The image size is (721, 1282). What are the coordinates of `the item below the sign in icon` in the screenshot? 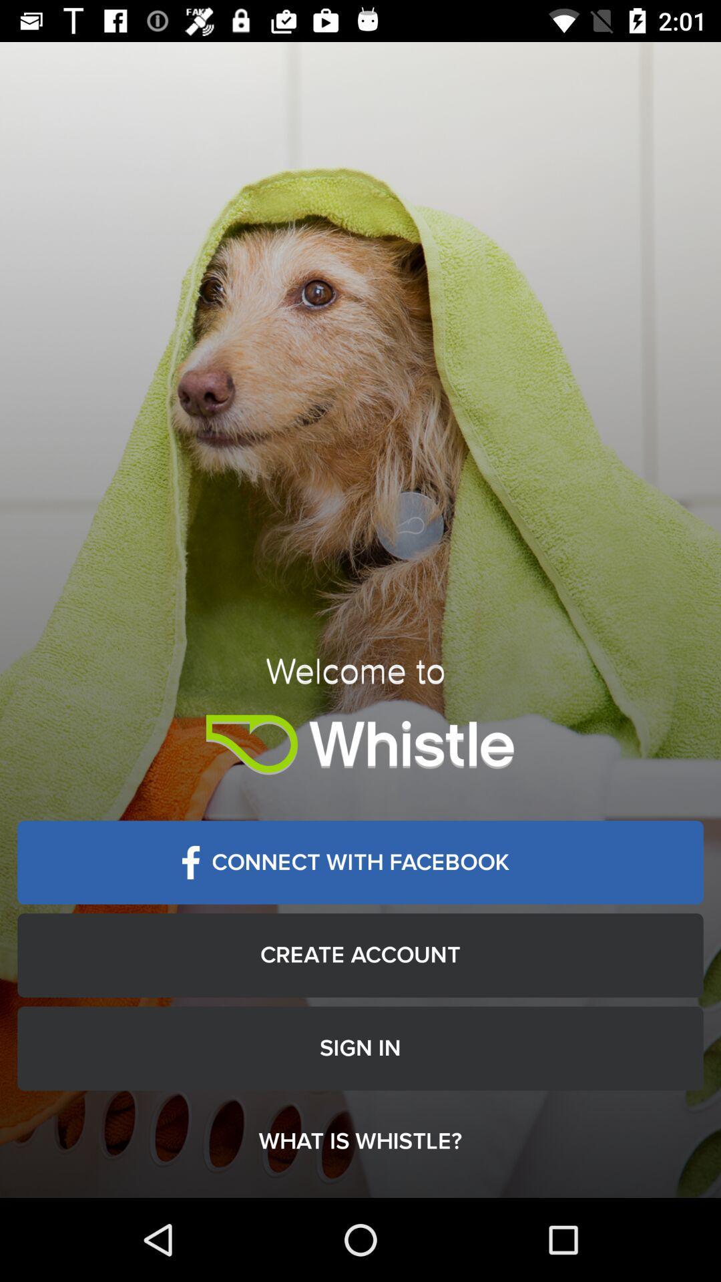 It's located at (360, 1140).